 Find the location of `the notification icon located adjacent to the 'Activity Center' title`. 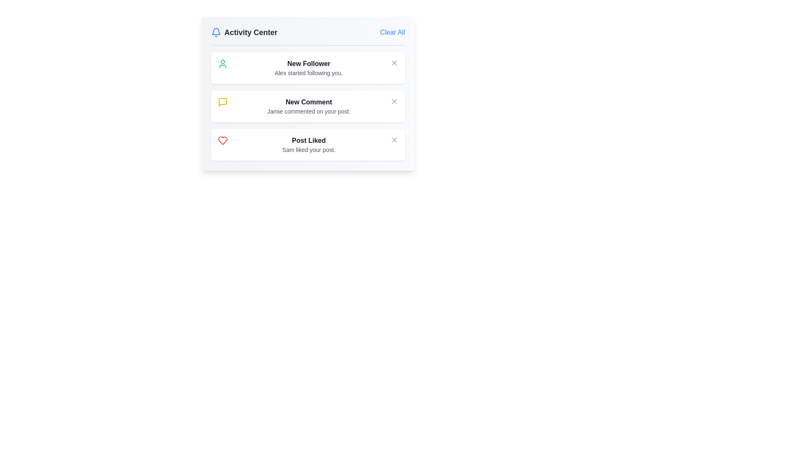

the notification icon located adjacent to the 'Activity Center' title is located at coordinates (216, 31).